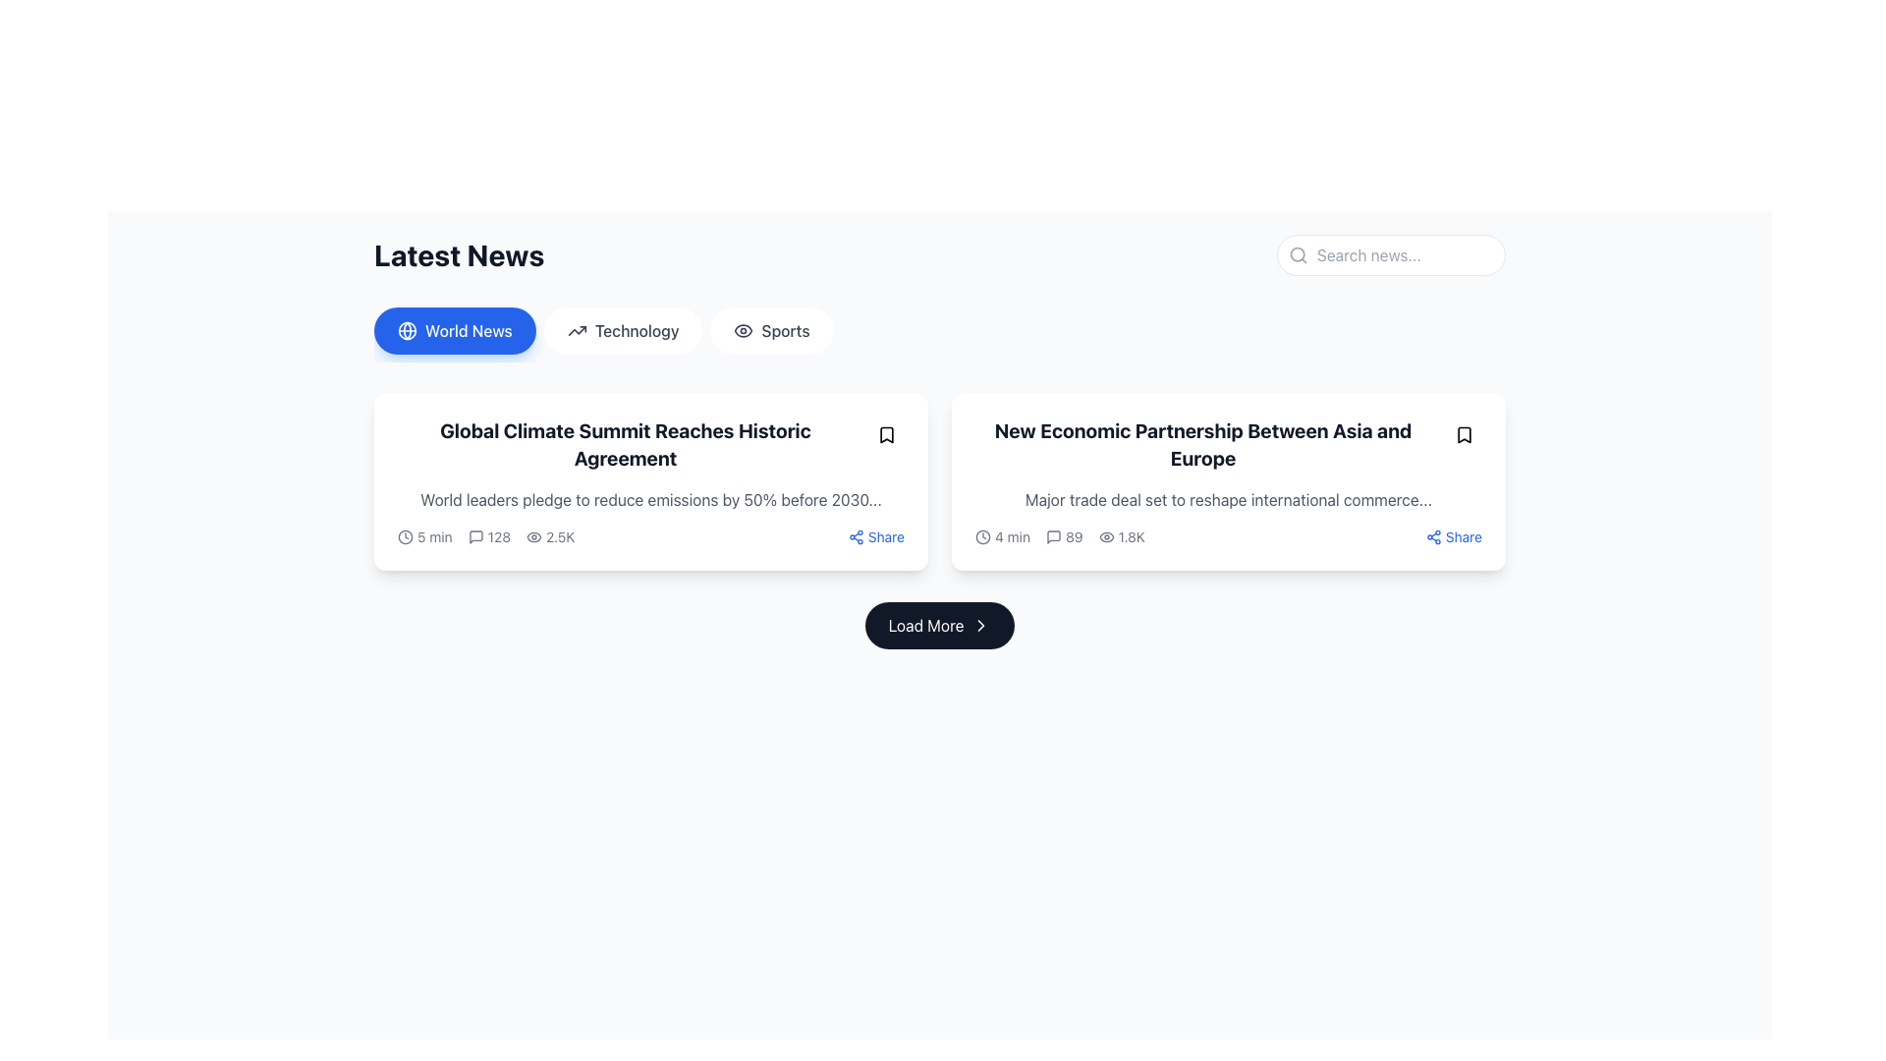  What do you see at coordinates (454, 329) in the screenshot?
I see `the 'World News' button, which is a rounded rectangular button with a blue background, white text, and a globe icon on the left, located at the top left of the page under the 'Latest News' heading` at bounding box center [454, 329].